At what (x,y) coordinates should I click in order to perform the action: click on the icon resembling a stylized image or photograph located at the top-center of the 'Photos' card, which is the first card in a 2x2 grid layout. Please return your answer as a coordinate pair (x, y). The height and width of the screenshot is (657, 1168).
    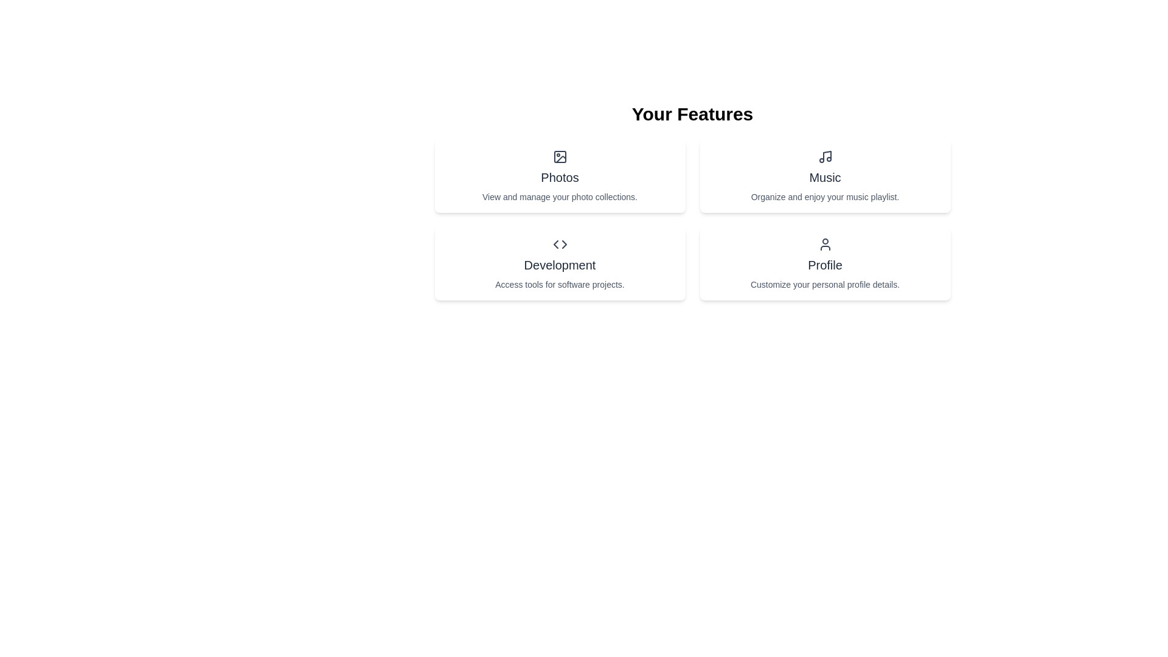
    Looking at the image, I should click on (559, 156).